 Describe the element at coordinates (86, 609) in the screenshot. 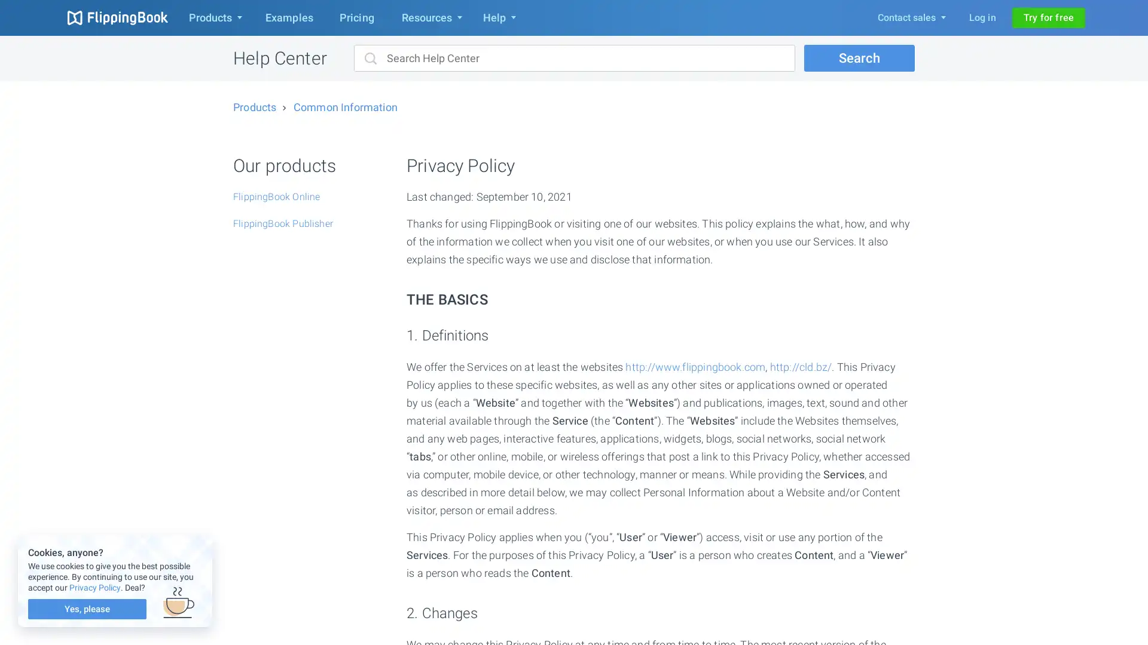

I see `Yes, please` at that location.